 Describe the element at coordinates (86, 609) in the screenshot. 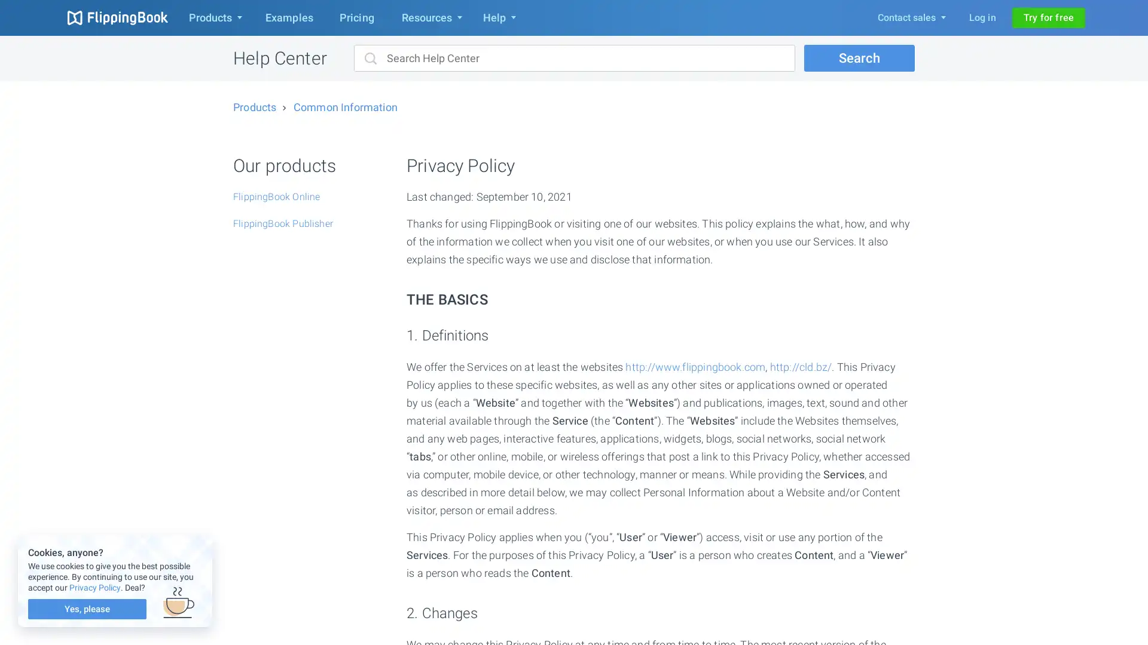

I see `Yes, please` at that location.